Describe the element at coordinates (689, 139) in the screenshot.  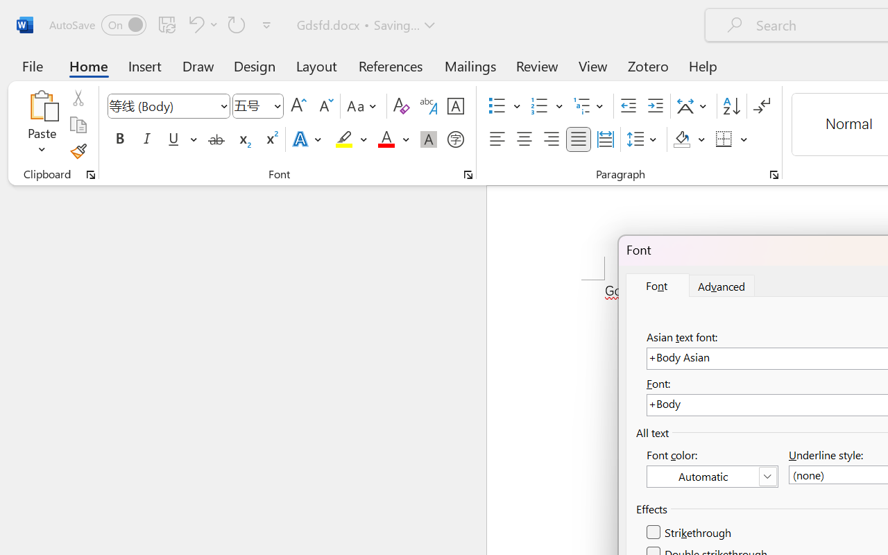
I see `'Shading'` at that location.